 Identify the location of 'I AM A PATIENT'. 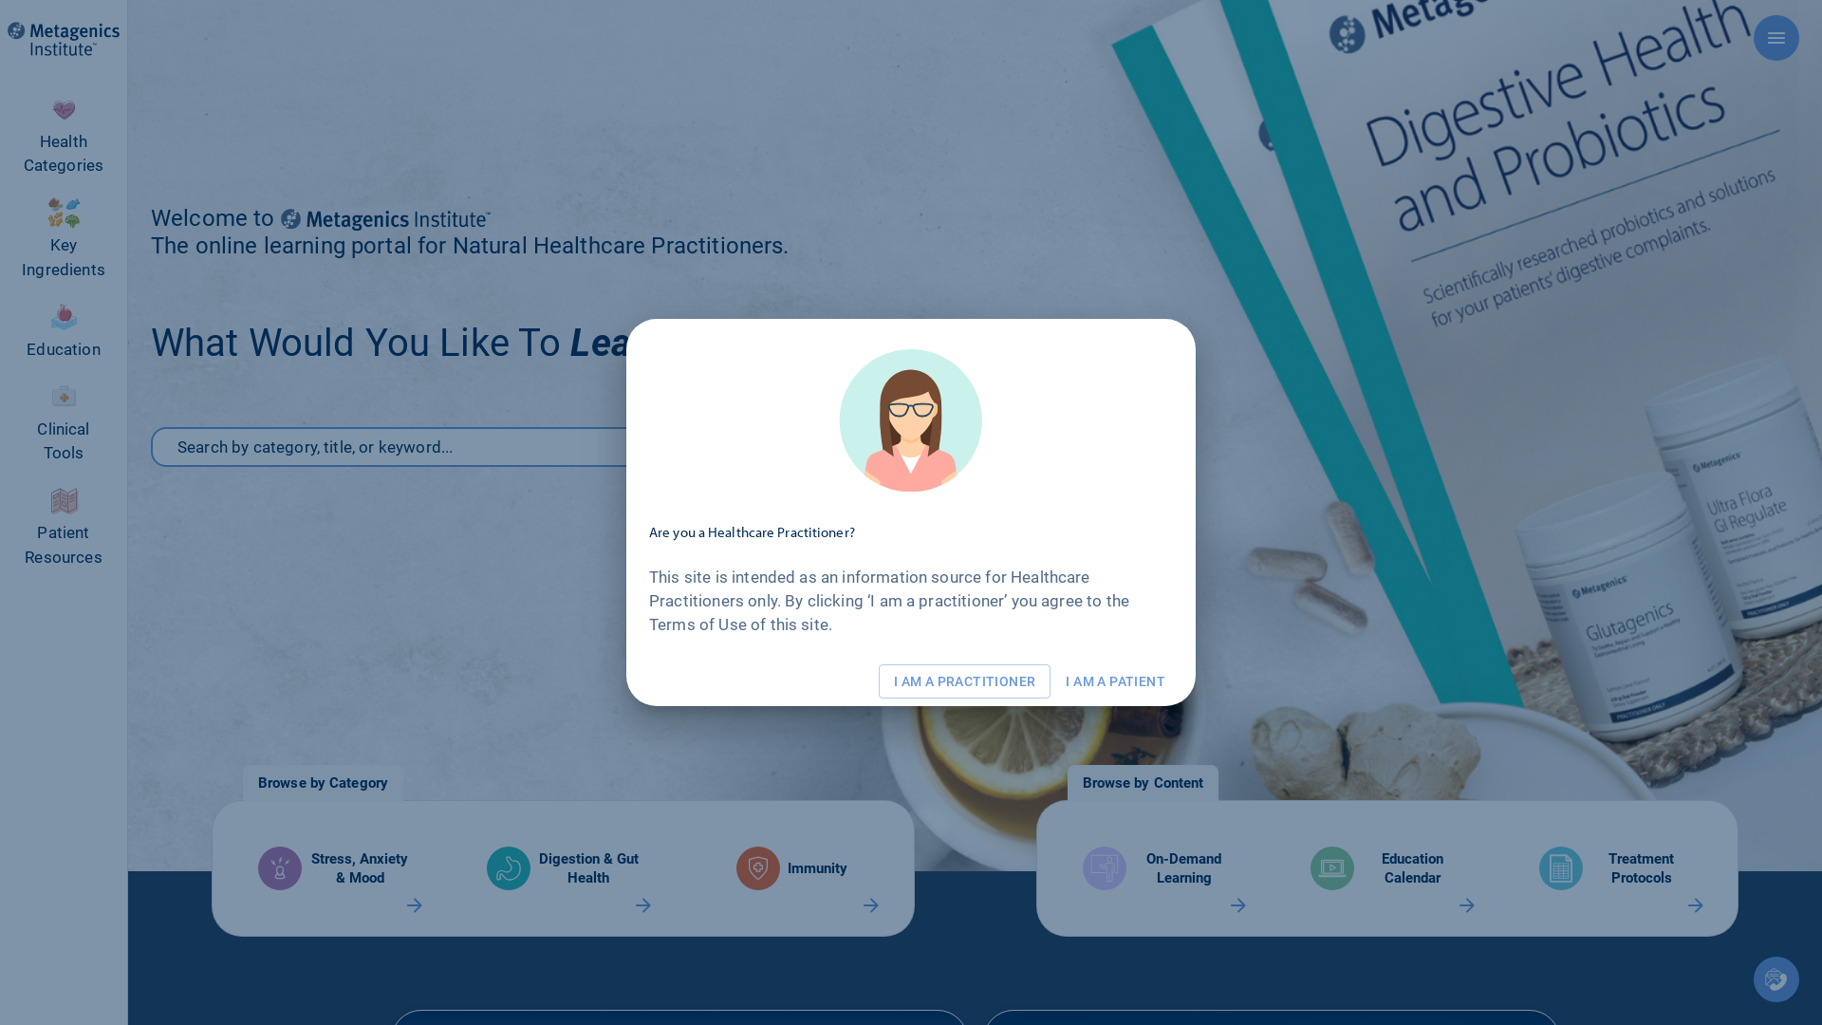
(1115, 680).